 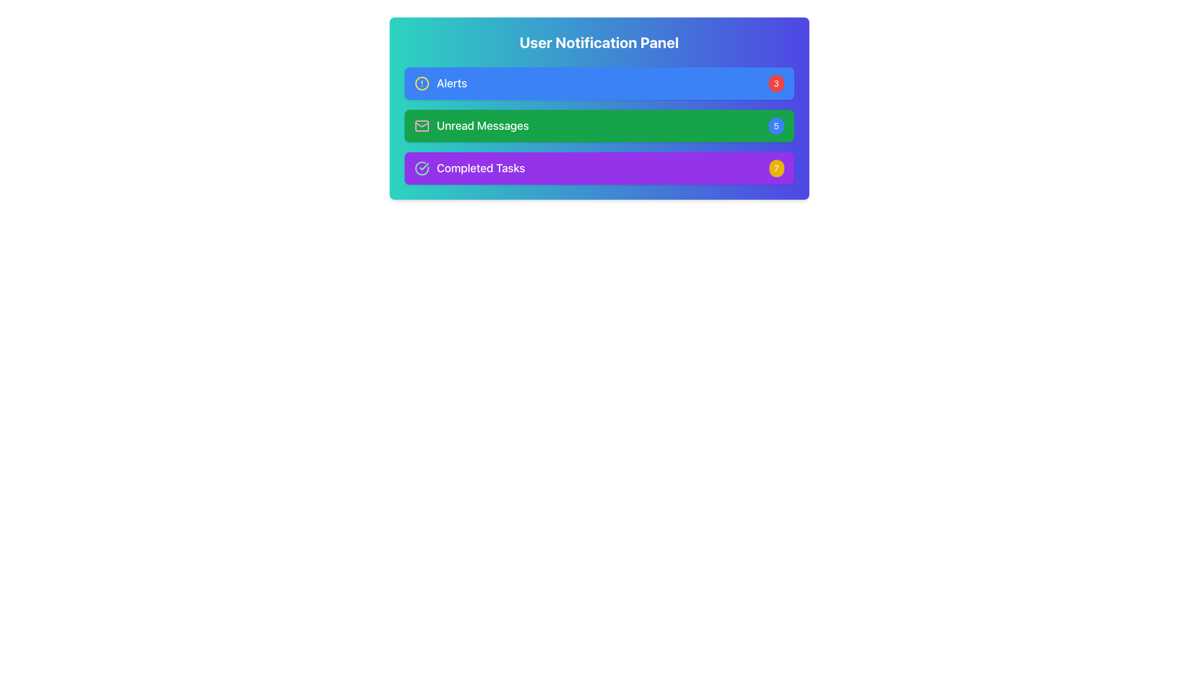 I want to click on the circular green checkmark icon in the 'Completed Tasks' section, located to the left of the 'Completed Tasks' text label, so click(x=422, y=168).